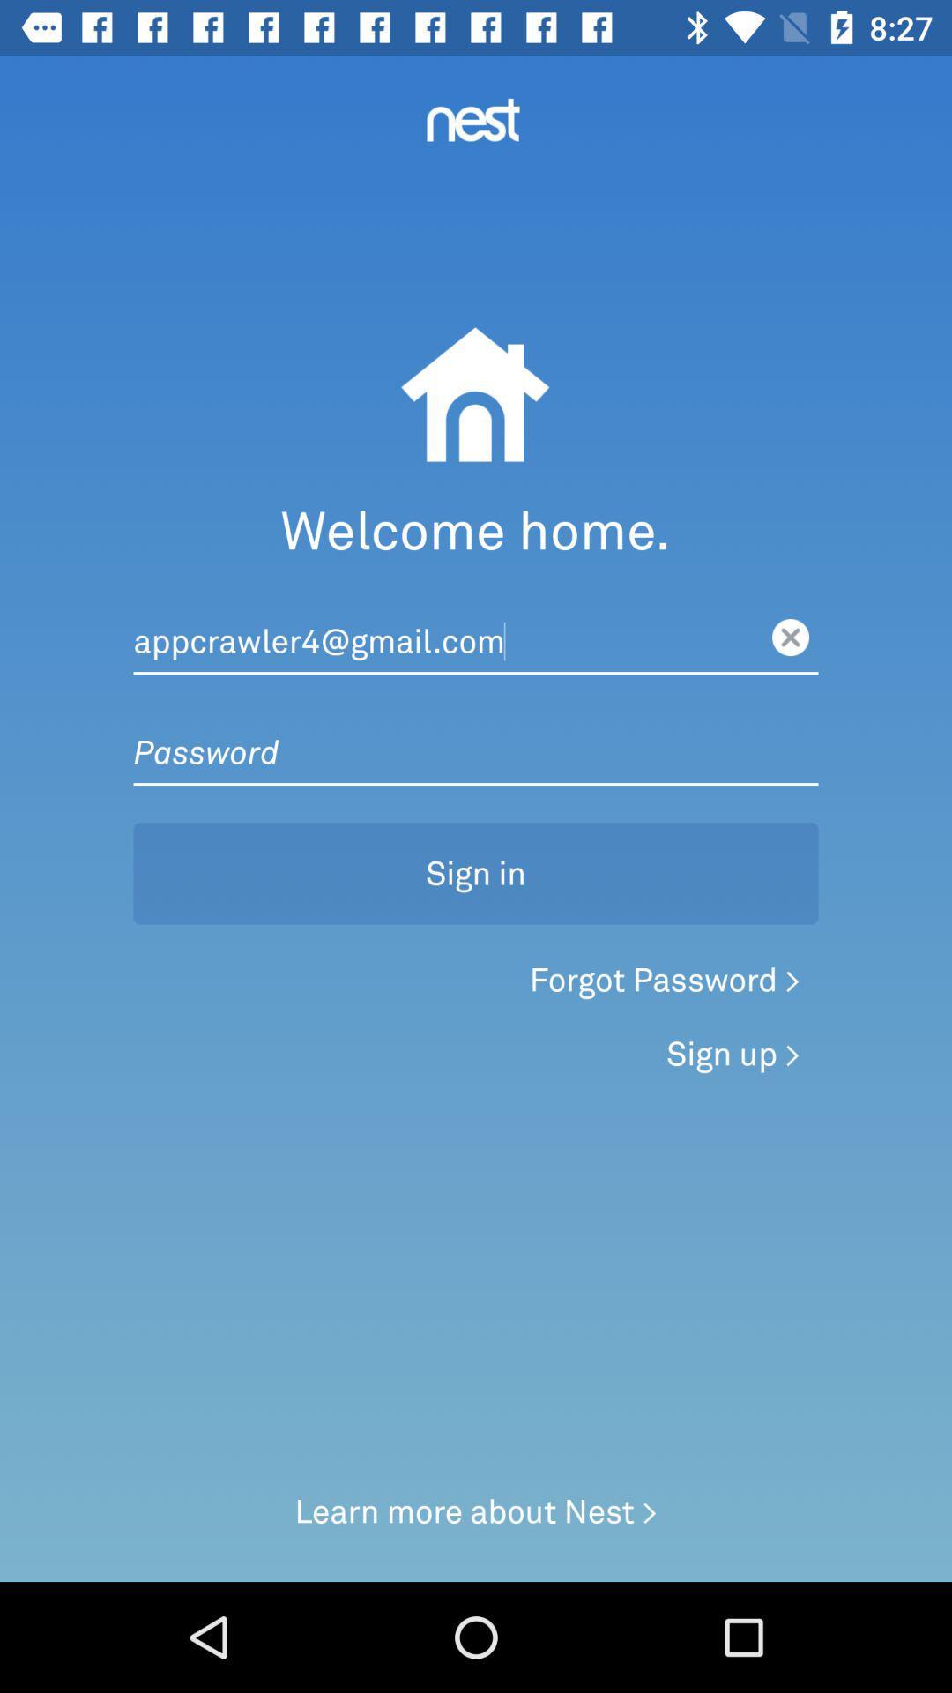 This screenshot has width=952, height=1693. I want to click on the image below nest, so click(474, 400).